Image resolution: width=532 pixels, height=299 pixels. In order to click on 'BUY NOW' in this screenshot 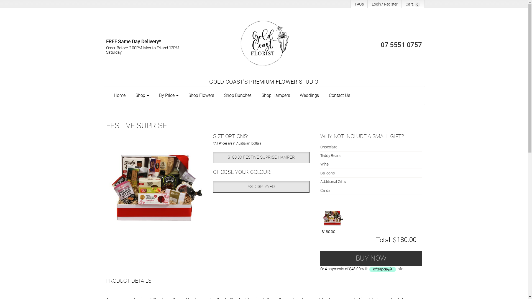, I will do `click(371, 258)`.